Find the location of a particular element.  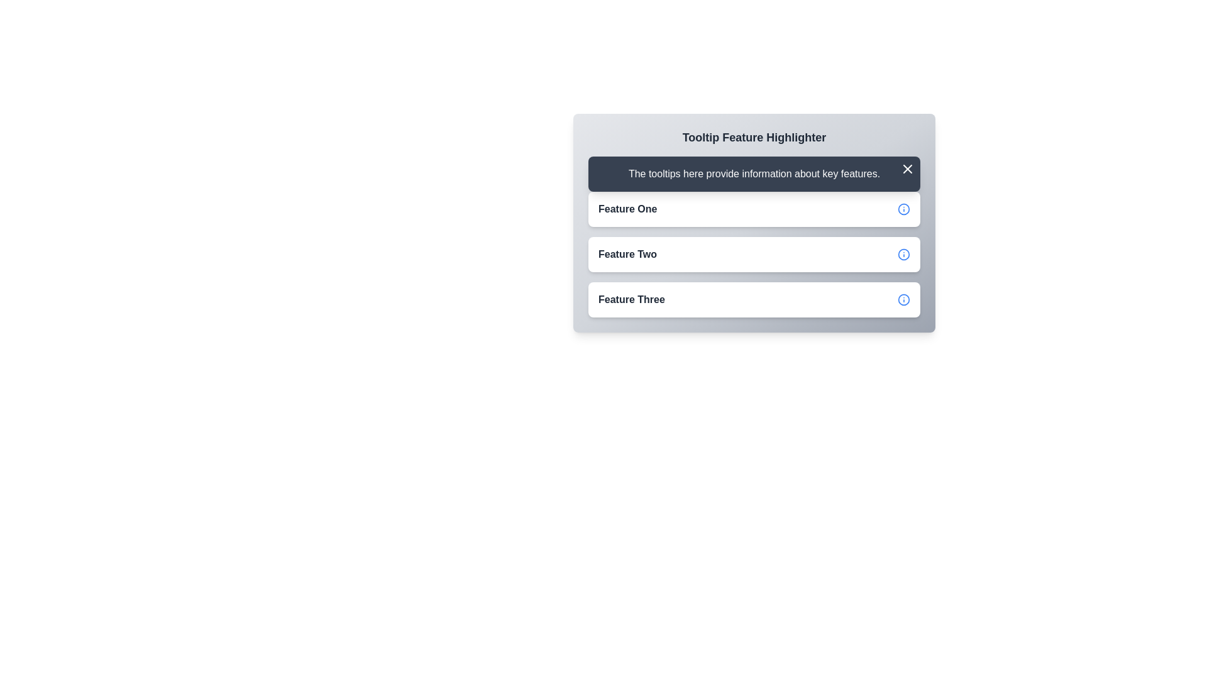

the Text Display Area that displays the text 'The tooltips here provide information about key features.' is located at coordinates (754, 174).